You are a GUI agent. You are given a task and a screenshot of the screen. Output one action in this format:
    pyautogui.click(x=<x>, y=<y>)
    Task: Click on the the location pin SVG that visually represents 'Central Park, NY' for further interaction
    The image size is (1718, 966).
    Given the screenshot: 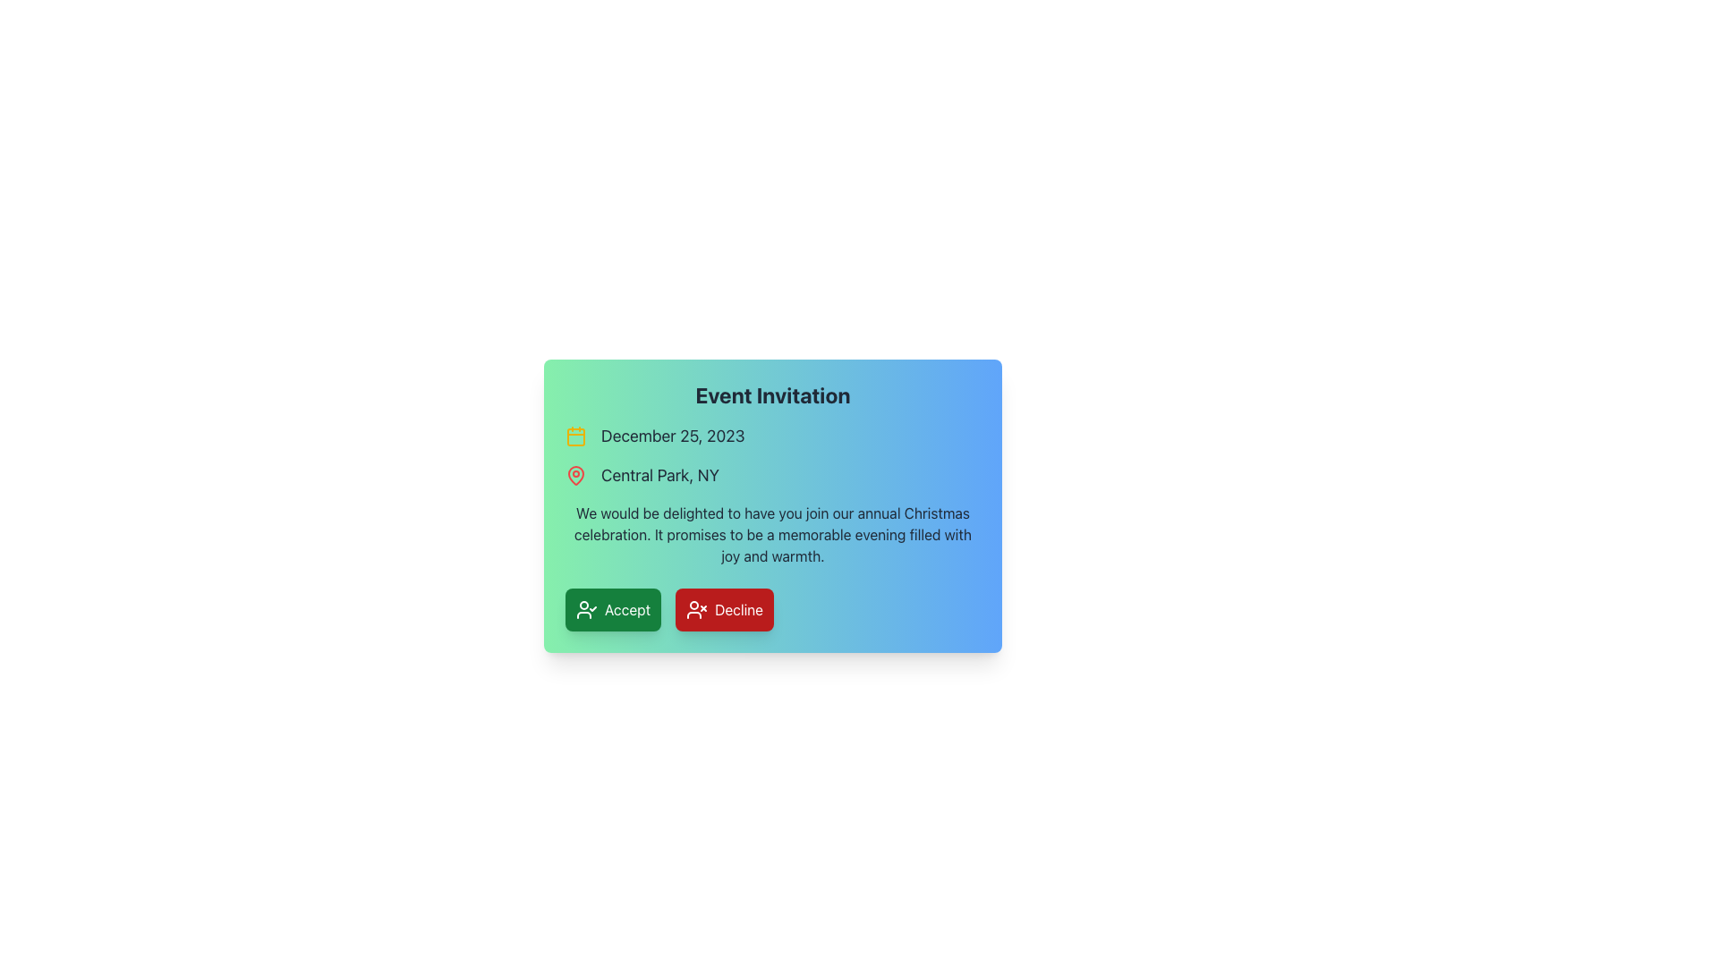 What is the action you would take?
    pyautogui.click(x=575, y=474)
    